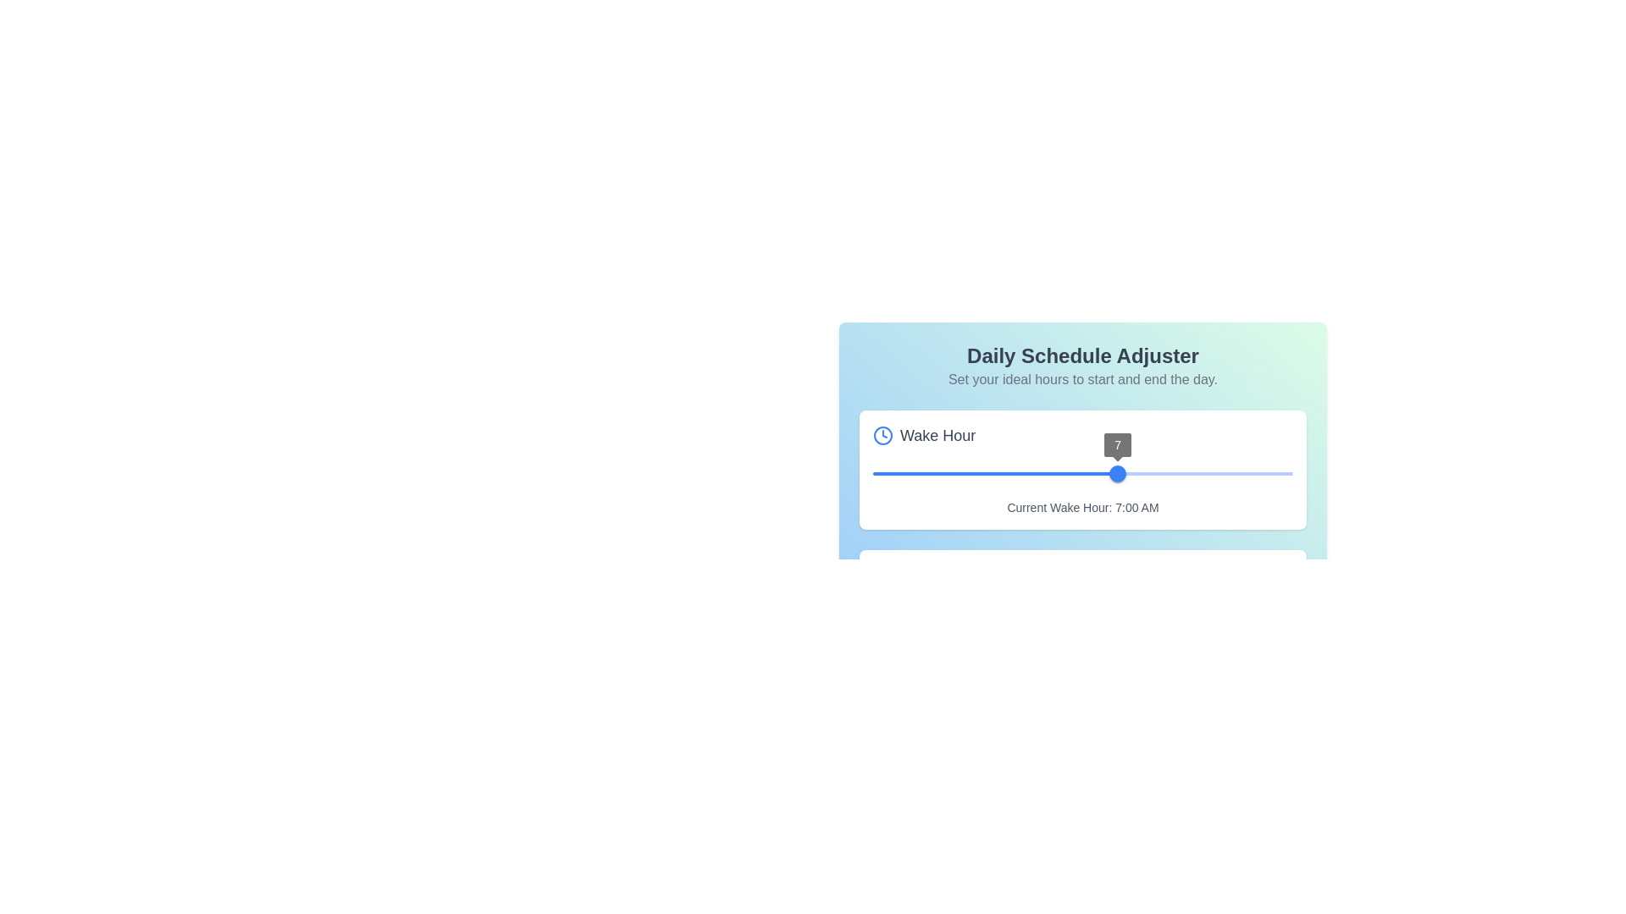 Image resolution: width=1626 pixels, height=914 pixels. What do you see at coordinates (401, 422) in the screenshot?
I see `the wake hour` at bounding box center [401, 422].